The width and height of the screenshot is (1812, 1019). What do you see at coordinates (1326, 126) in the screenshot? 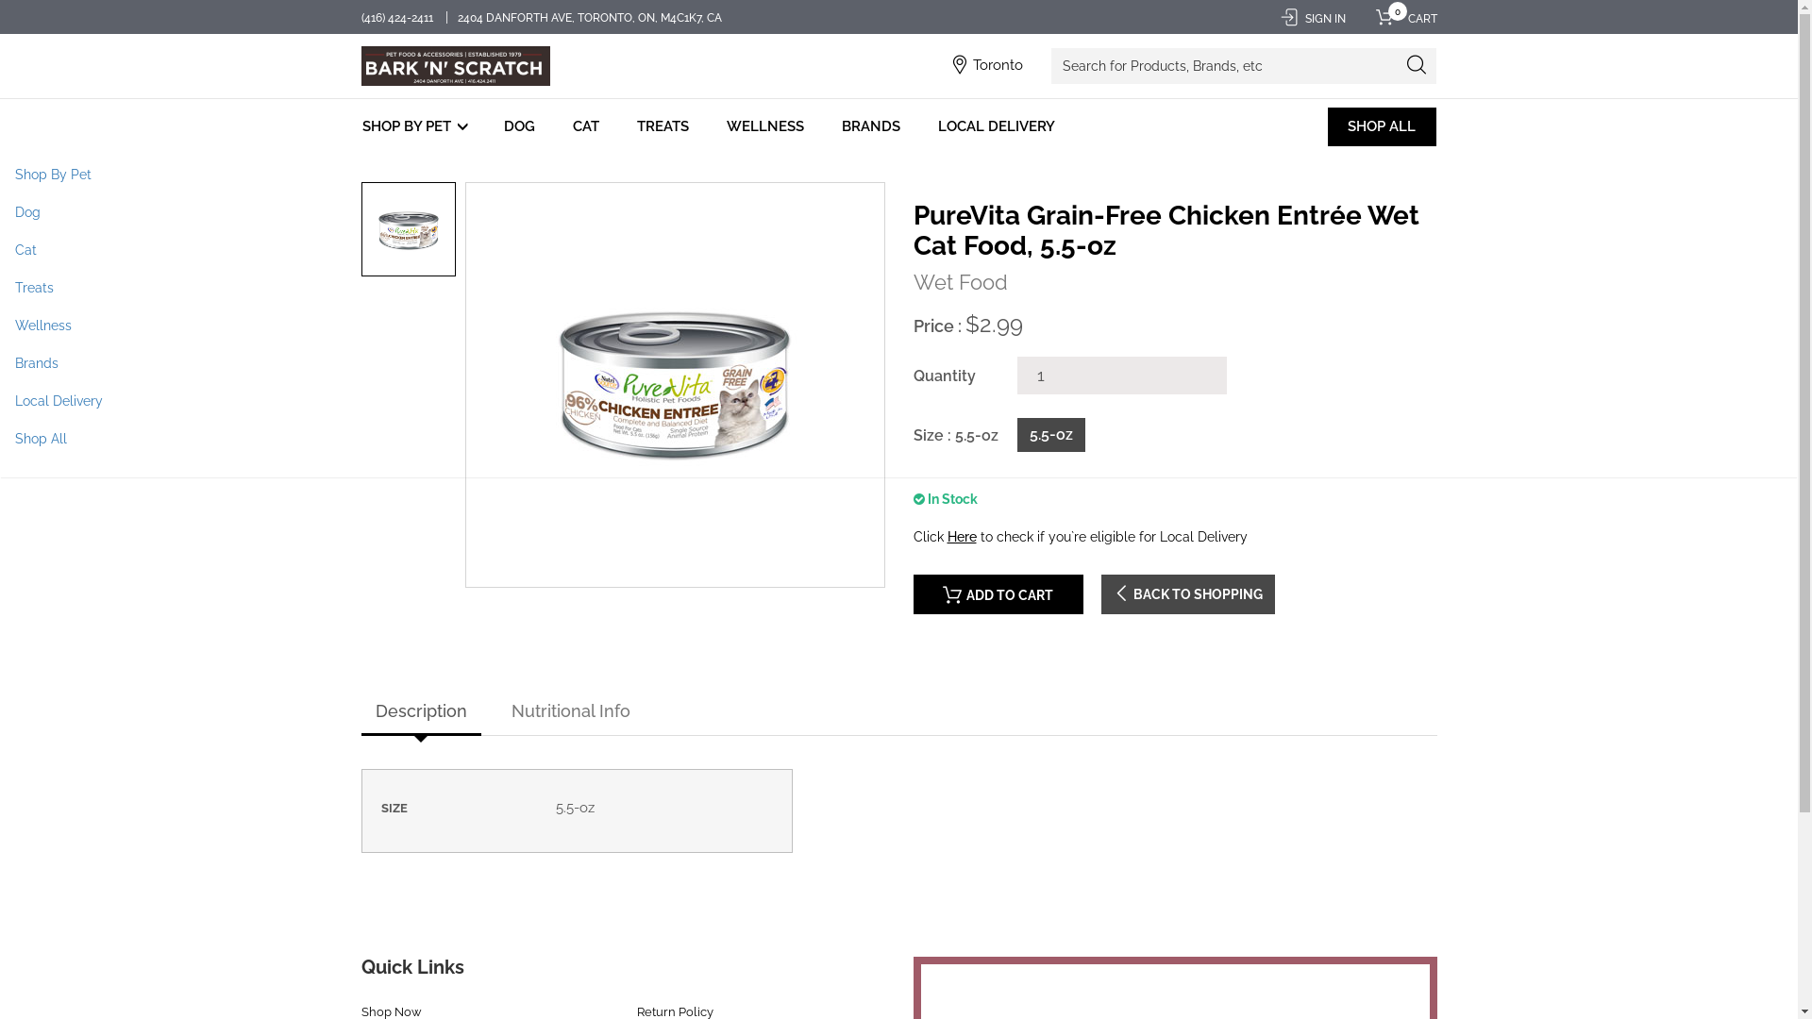
I see `'SHOP ALL'` at bounding box center [1326, 126].